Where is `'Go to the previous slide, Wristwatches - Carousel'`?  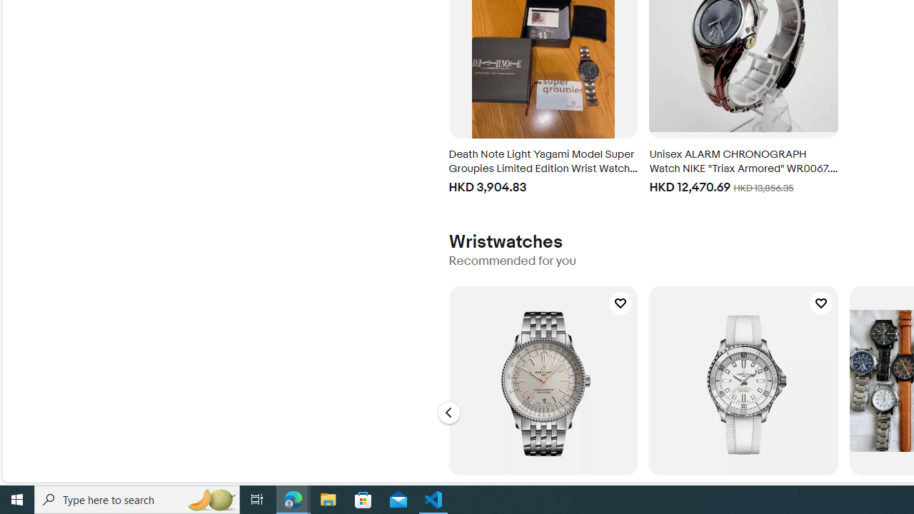
'Go to the previous slide, Wristwatches - Carousel' is located at coordinates (448, 413).